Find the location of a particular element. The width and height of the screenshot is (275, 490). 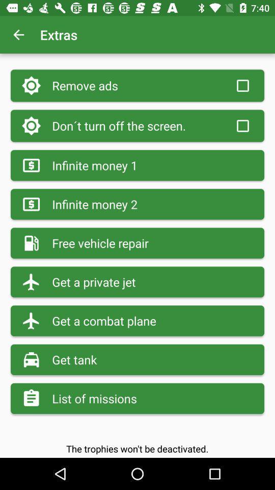

item to the left of extras is located at coordinates (18, 35).